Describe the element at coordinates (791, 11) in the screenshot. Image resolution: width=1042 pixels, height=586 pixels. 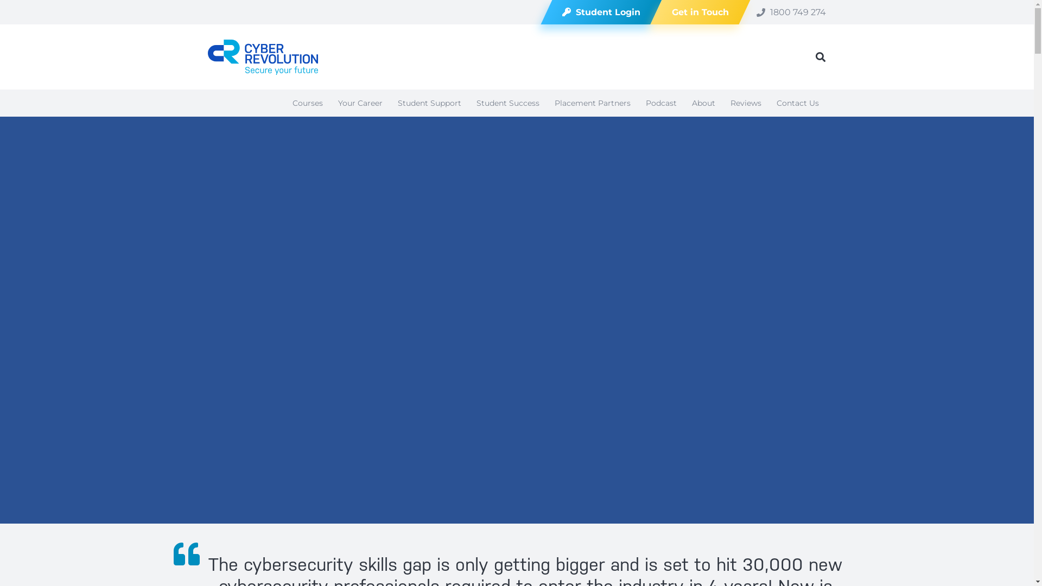
I see `'1800 749 274'` at that location.